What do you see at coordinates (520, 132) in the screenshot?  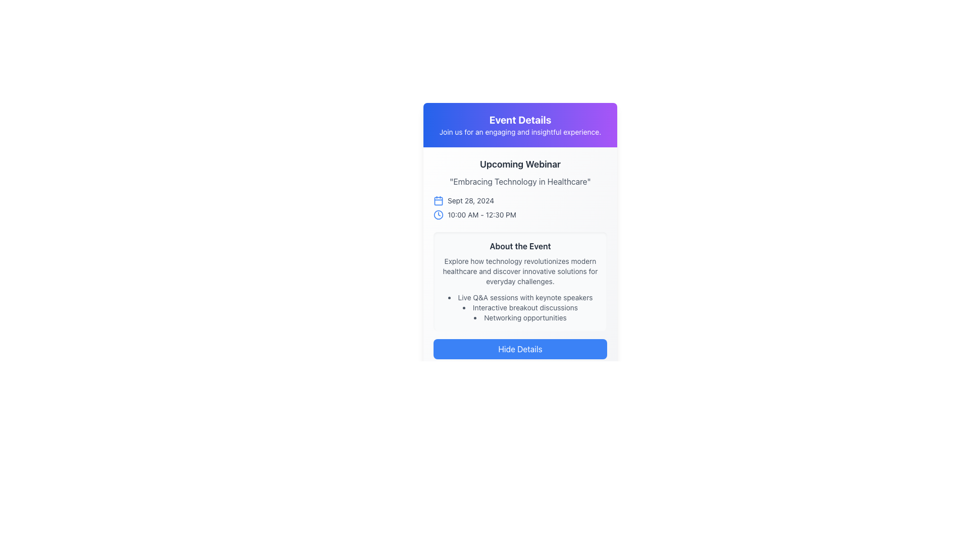 I see `the static text element displaying 'Join us for an engaging and insightful experience.' located beneath the 'Event Details' title in the blue-to-purple gradient header` at bounding box center [520, 132].